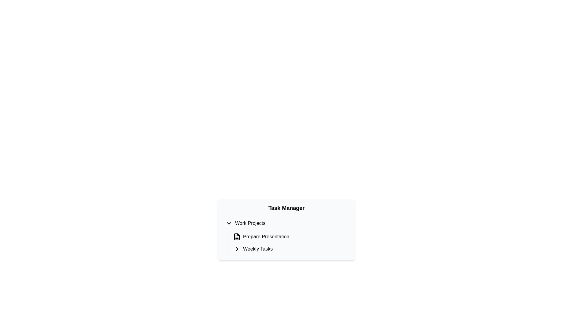 This screenshot has width=587, height=330. What do you see at coordinates (258, 249) in the screenshot?
I see `the text label or category title representing a task group under the 'Work Projects' category, specifically the second item in the list` at bounding box center [258, 249].